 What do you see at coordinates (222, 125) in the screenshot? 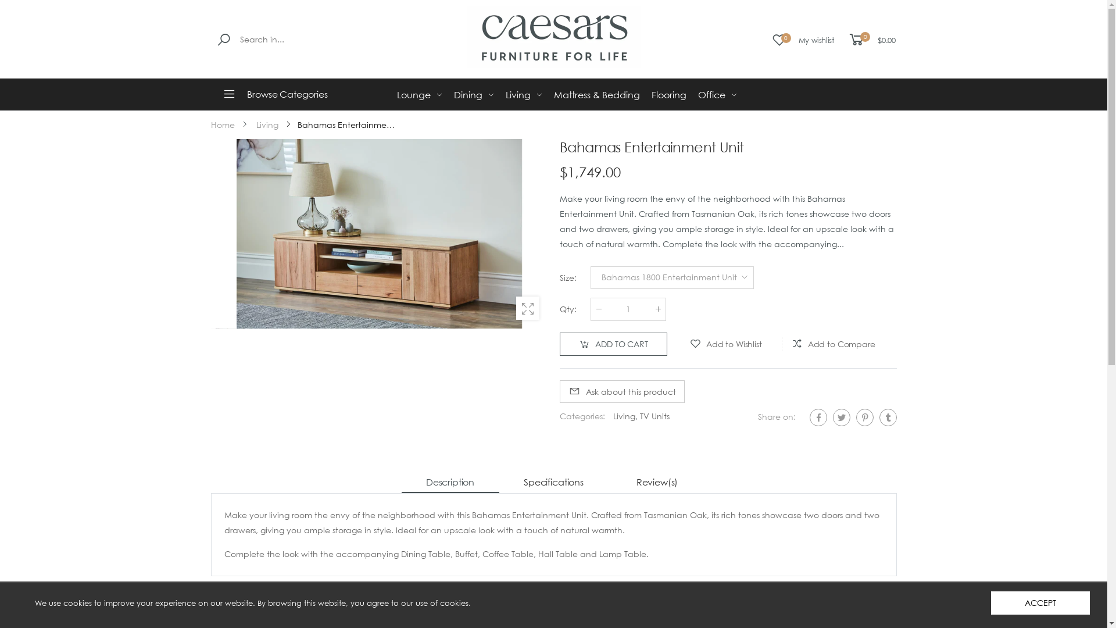
I see `'Home'` at bounding box center [222, 125].